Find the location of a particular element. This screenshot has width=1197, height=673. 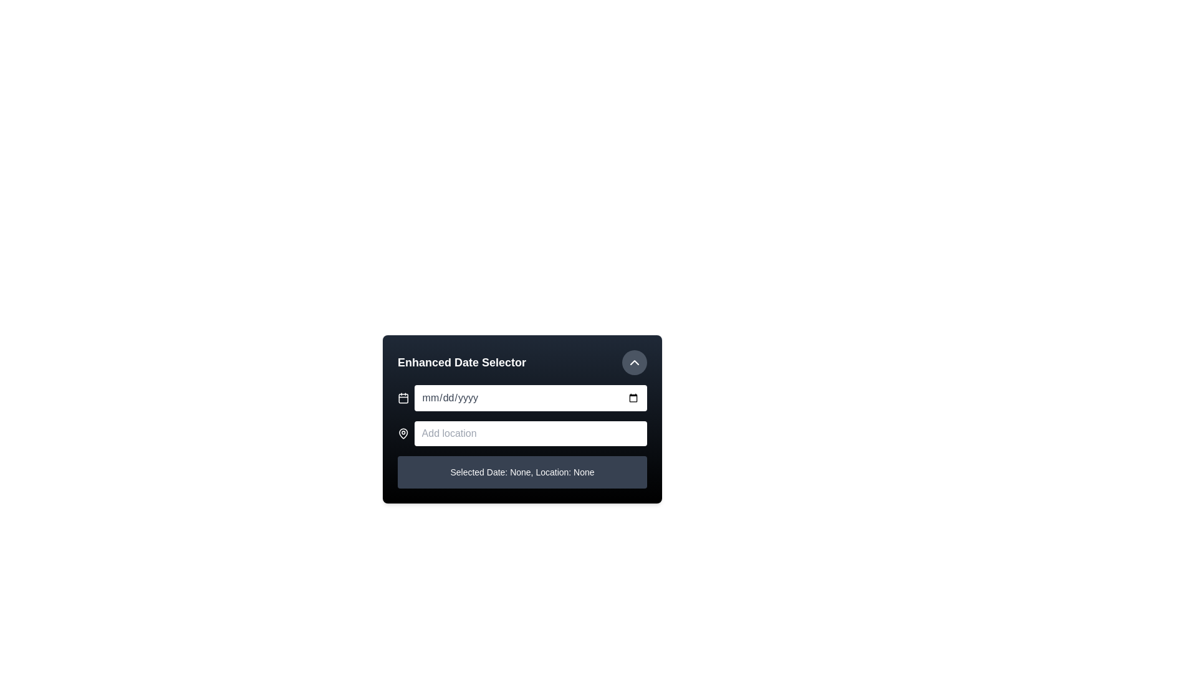

the calendar icon in the upper-left segment of the date selection interface is located at coordinates (403, 398).